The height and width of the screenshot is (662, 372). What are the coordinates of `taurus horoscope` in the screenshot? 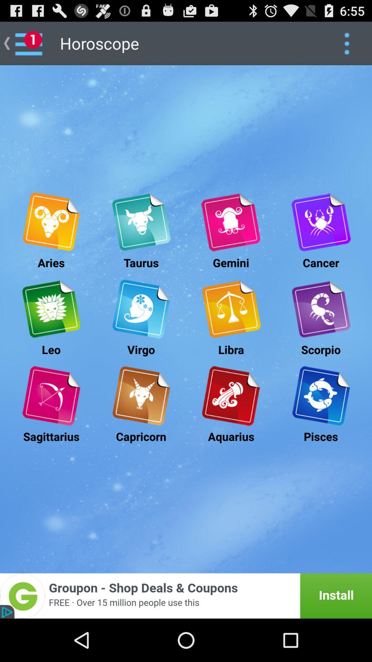 It's located at (141, 222).